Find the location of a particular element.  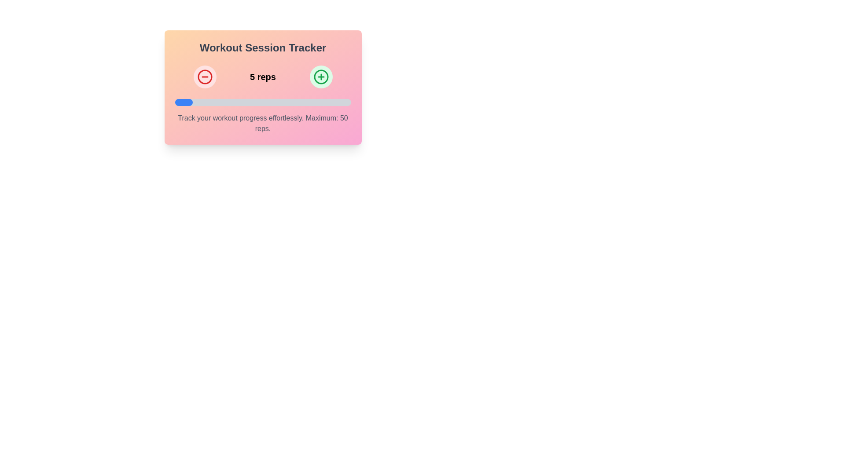

slider progress is located at coordinates (309, 102).